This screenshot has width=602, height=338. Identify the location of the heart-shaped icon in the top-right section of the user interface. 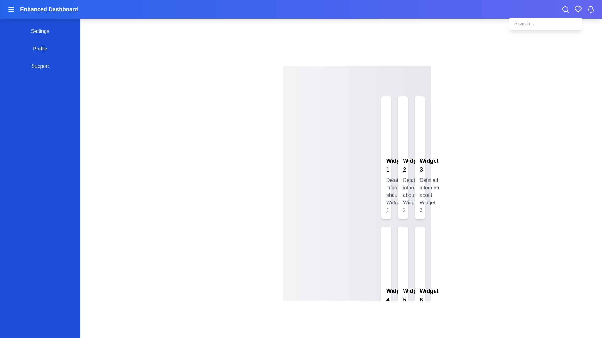
(578, 9).